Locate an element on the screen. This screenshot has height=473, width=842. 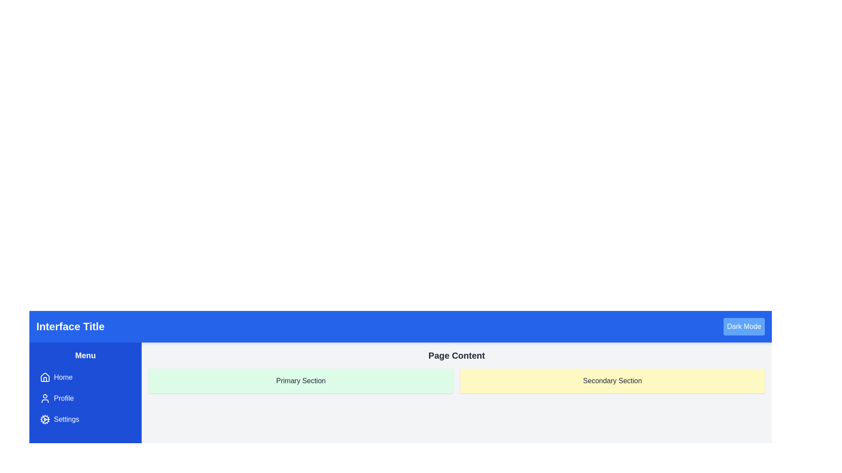
the 'Home' navigation menu item located at the top of the blue sidebar on the left side of the interface is located at coordinates (86, 377).